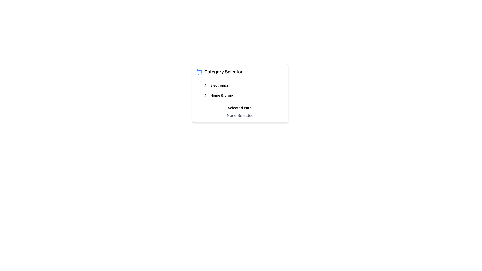  What do you see at coordinates (199, 71) in the screenshot?
I see `the shopping cart icon located in the 'Category Selector' panel, which is positioned at the top-left corner before the text 'Category Selector'` at bounding box center [199, 71].